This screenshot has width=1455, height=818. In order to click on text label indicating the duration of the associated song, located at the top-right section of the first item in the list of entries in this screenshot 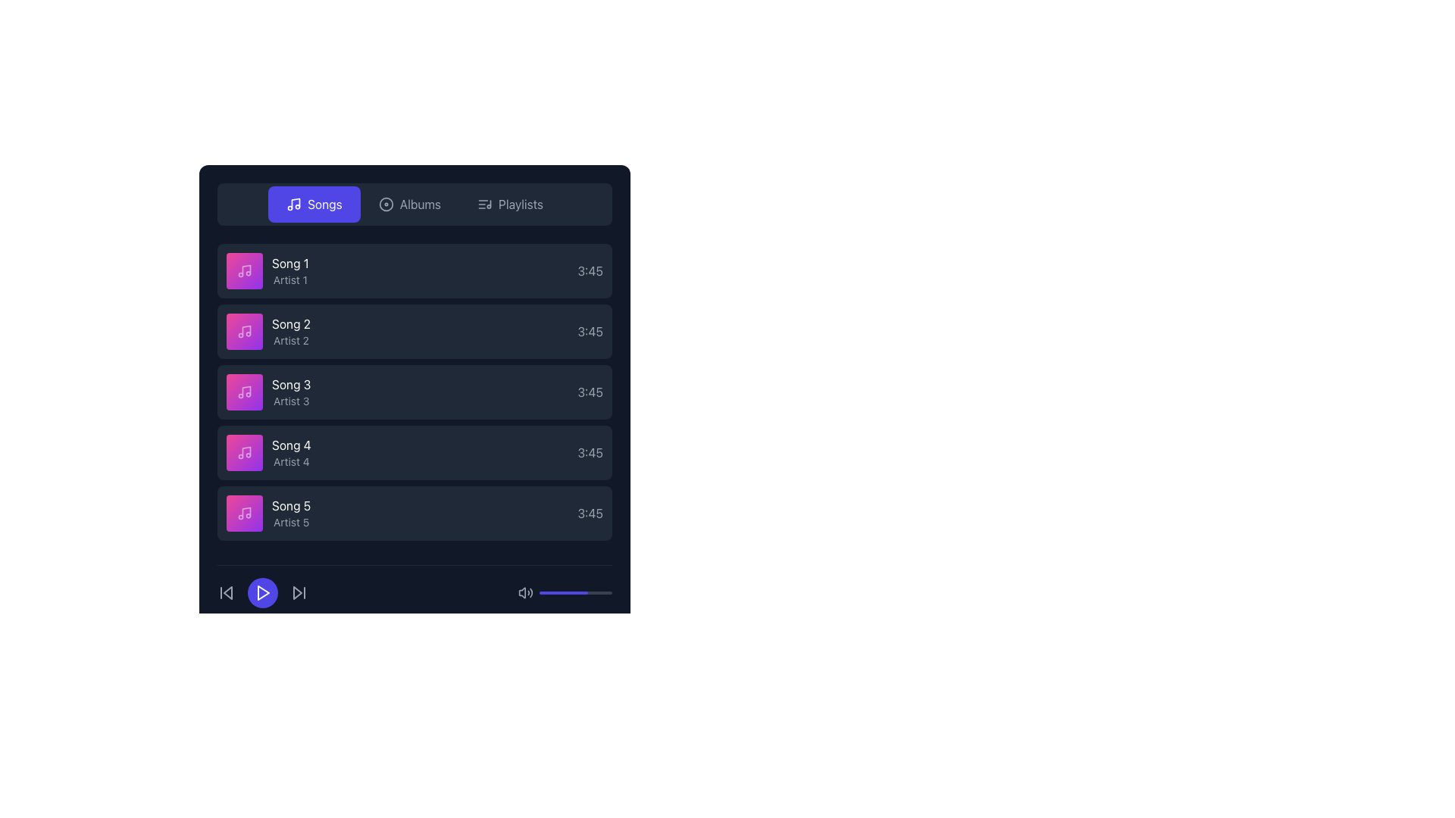, I will do `click(590, 270)`.